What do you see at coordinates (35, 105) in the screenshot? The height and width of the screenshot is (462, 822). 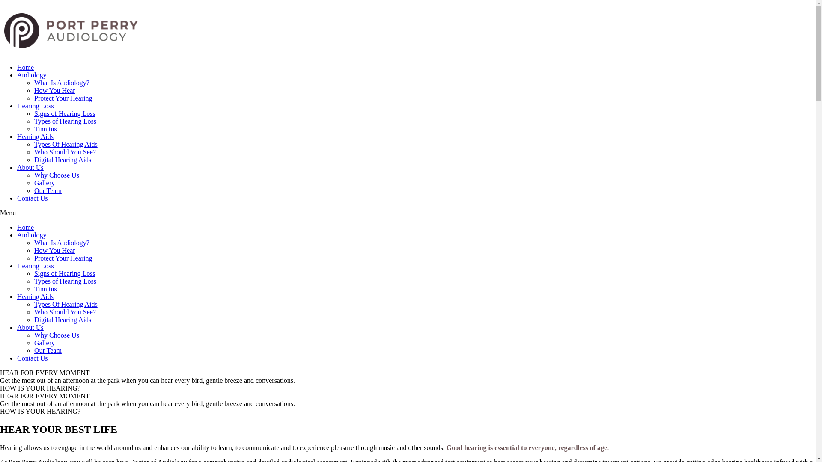 I see `'Hearing Loss'` at bounding box center [35, 105].